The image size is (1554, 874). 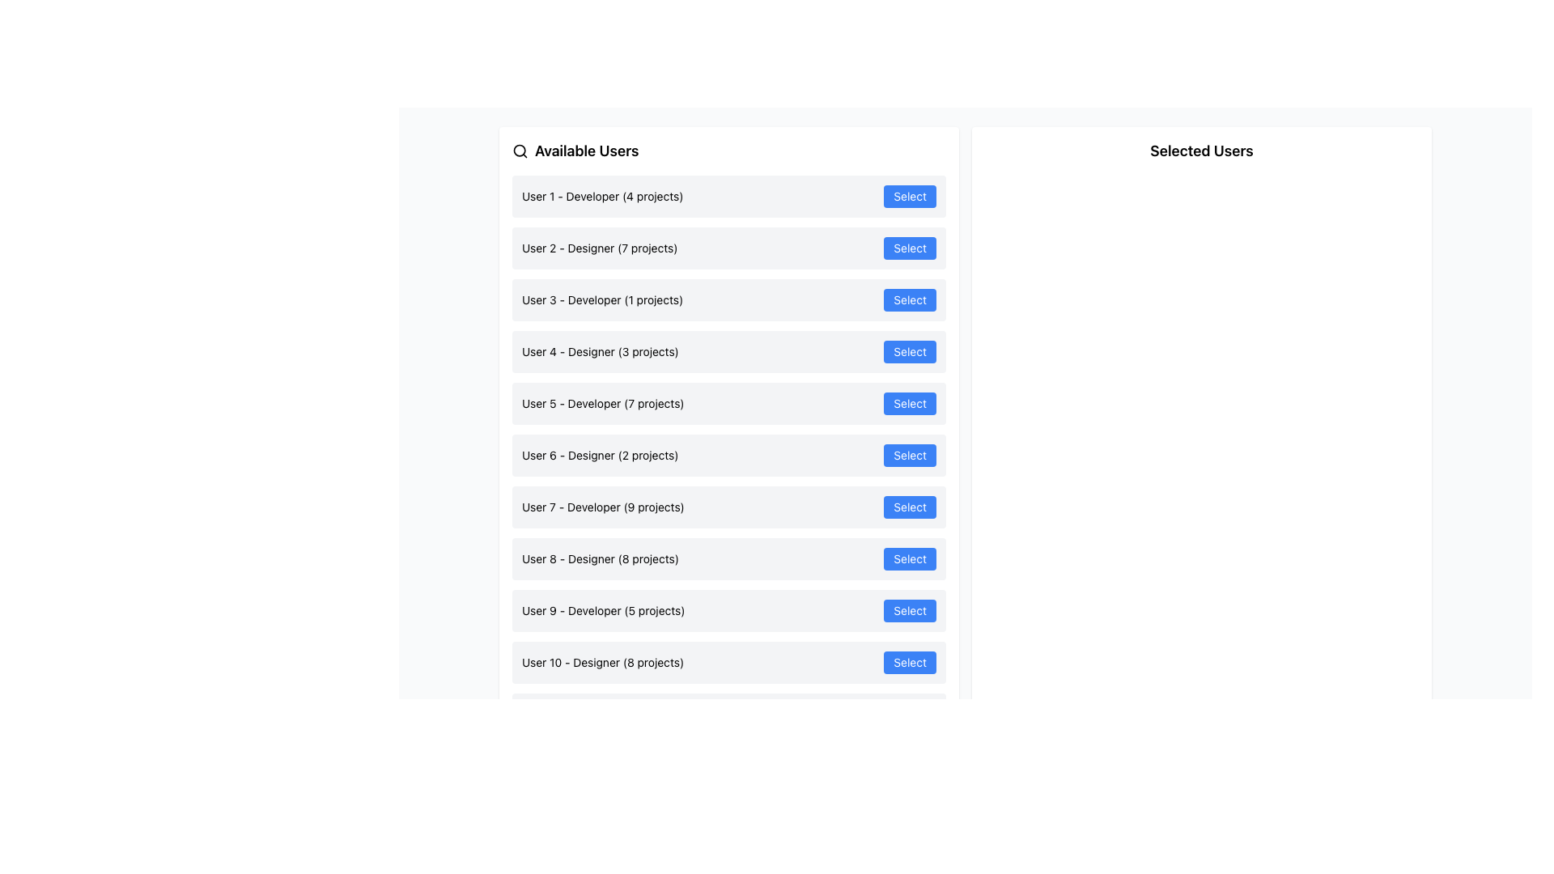 I want to click on the static text label displaying 'User 6 - Designer (2 projects)' located in the 'Available Users' panel, which is positioned to the left of the 'Select' button, so click(x=599, y=456).